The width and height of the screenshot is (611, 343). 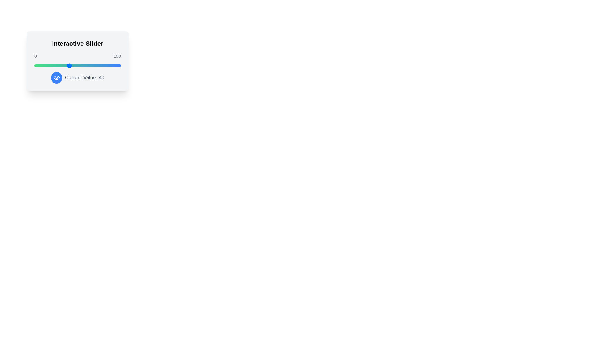 I want to click on the slider to set its value to 49, so click(x=76, y=66).